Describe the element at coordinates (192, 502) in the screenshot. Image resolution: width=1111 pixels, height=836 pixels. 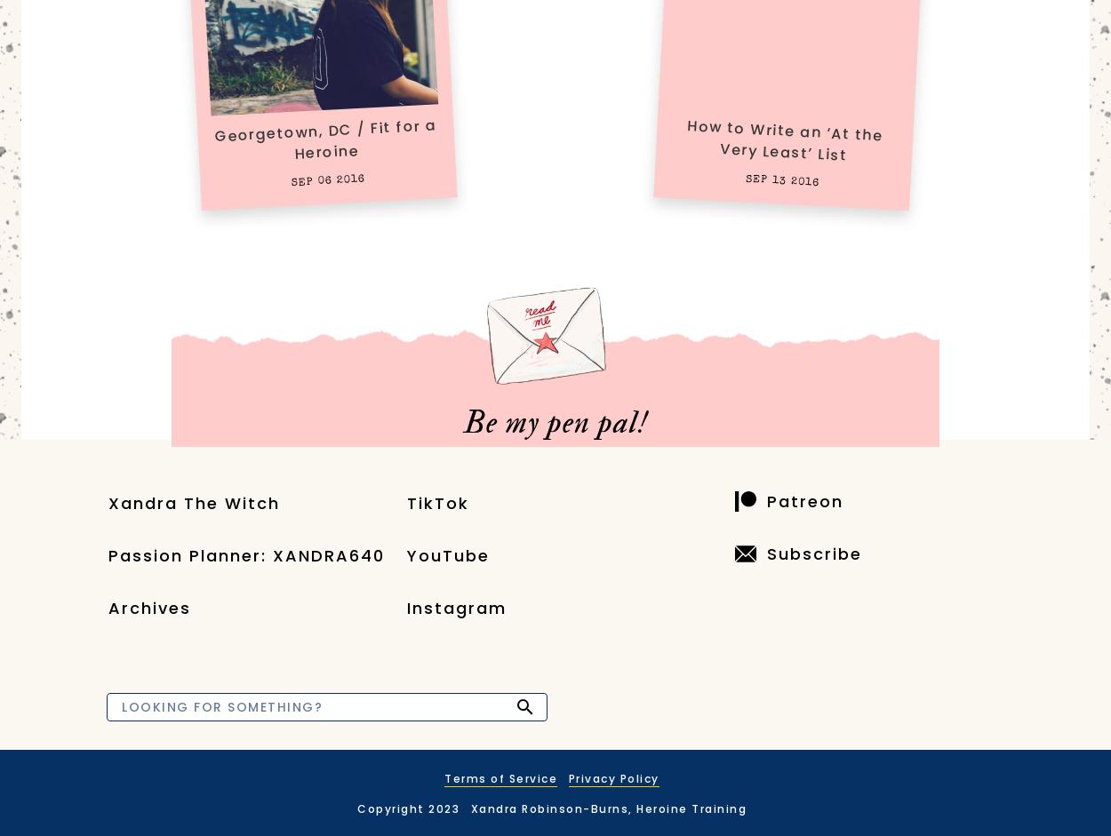
I see `'Xandra The Witch'` at that location.